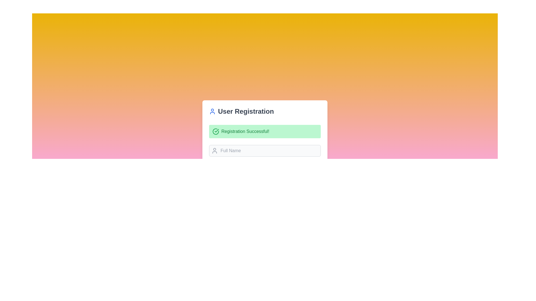  Describe the element at coordinates (214, 151) in the screenshot. I see `the human figure icon that is styled in a modern outline and located at the far left side of the 'Full Name' input field beneath the green success message labeled 'Registration Successful!'` at that location.